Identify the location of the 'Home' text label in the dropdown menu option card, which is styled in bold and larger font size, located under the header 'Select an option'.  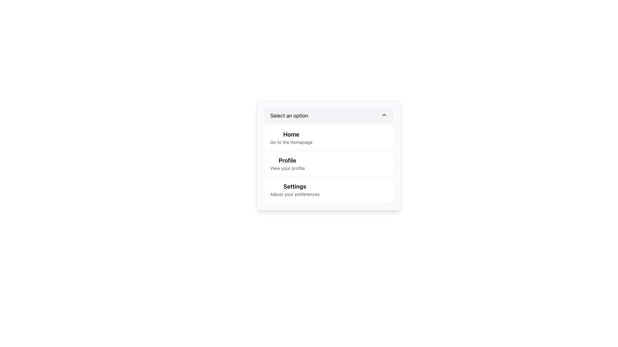
(291, 134).